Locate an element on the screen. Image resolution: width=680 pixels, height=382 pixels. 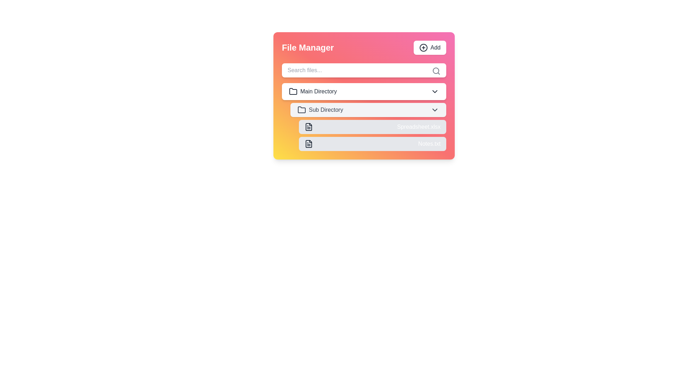
the small circular icon with a plus symbol, which is located in the button labeled 'Add' in the top-right corner of the interface is located at coordinates (423, 48).